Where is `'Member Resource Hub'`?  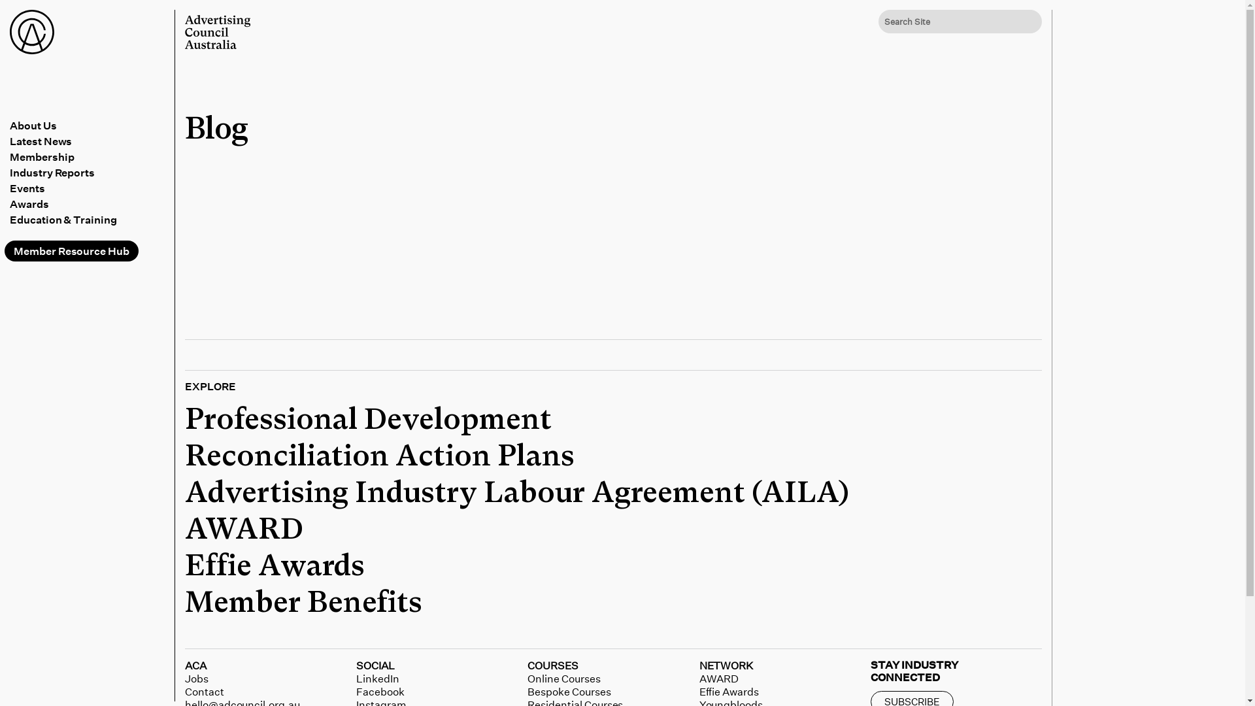
'Member Resource Hub' is located at coordinates (71, 251).